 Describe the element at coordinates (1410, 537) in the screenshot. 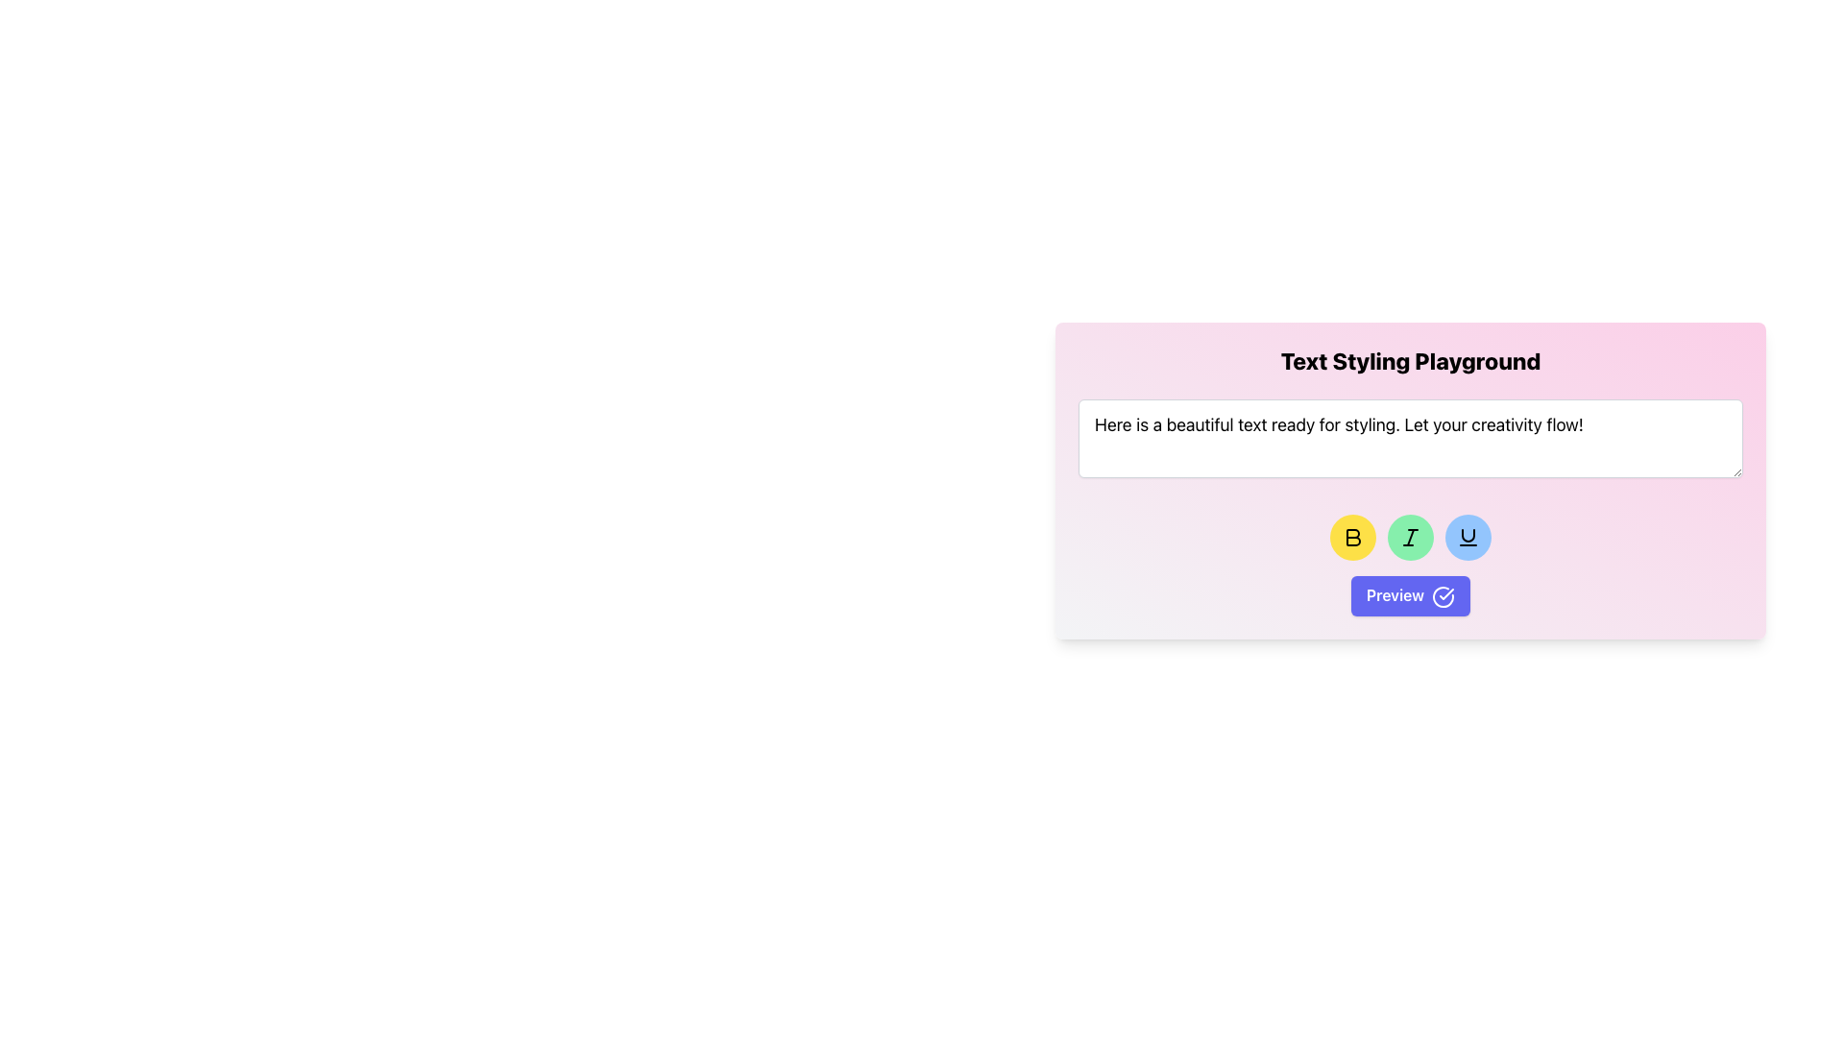

I see `the second button in the horizontal row of three buttons located below the main input text area in the 'Text Styling Playground' to apply italic formatting to the text` at that location.